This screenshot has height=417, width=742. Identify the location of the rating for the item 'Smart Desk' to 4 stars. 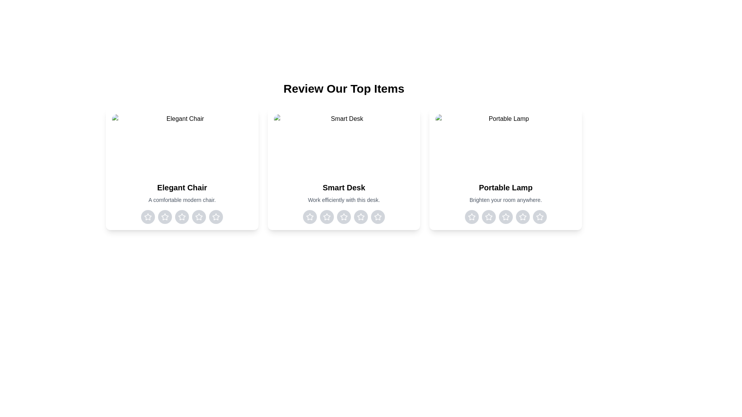
(360, 217).